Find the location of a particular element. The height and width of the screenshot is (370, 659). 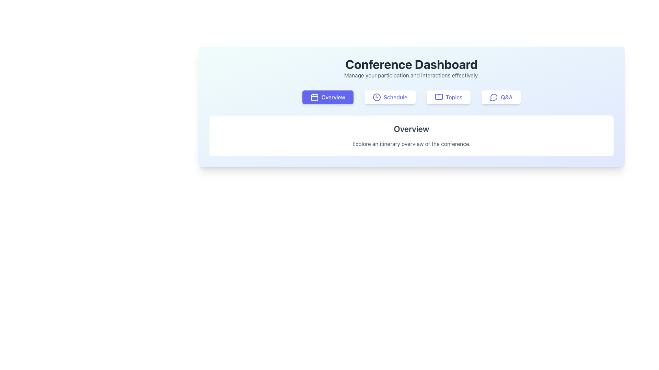

text heading that prominently displays the word 'Overview' in a large, bold font, located centrally within a white background card is located at coordinates (412, 128).